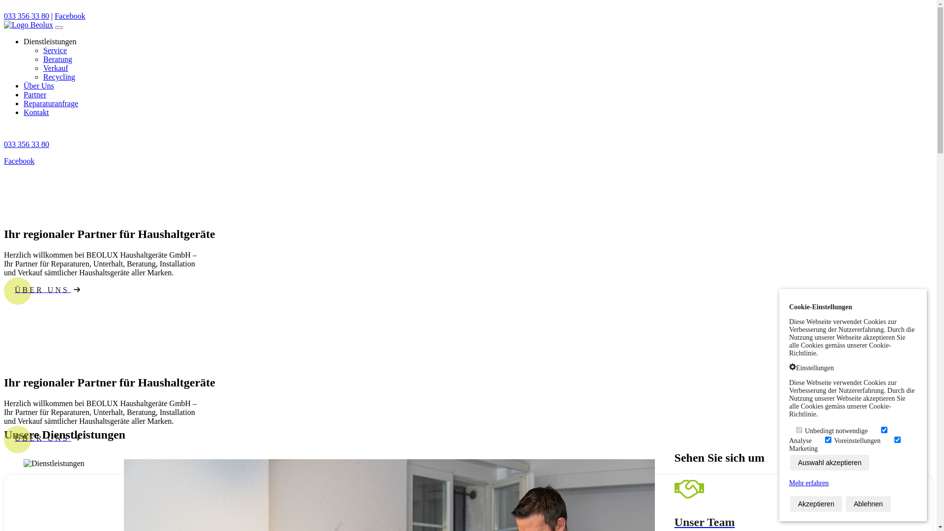 This screenshot has width=944, height=531. What do you see at coordinates (35, 94) in the screenshot?
I see `'Partner'` at bounding box center [35, 94].